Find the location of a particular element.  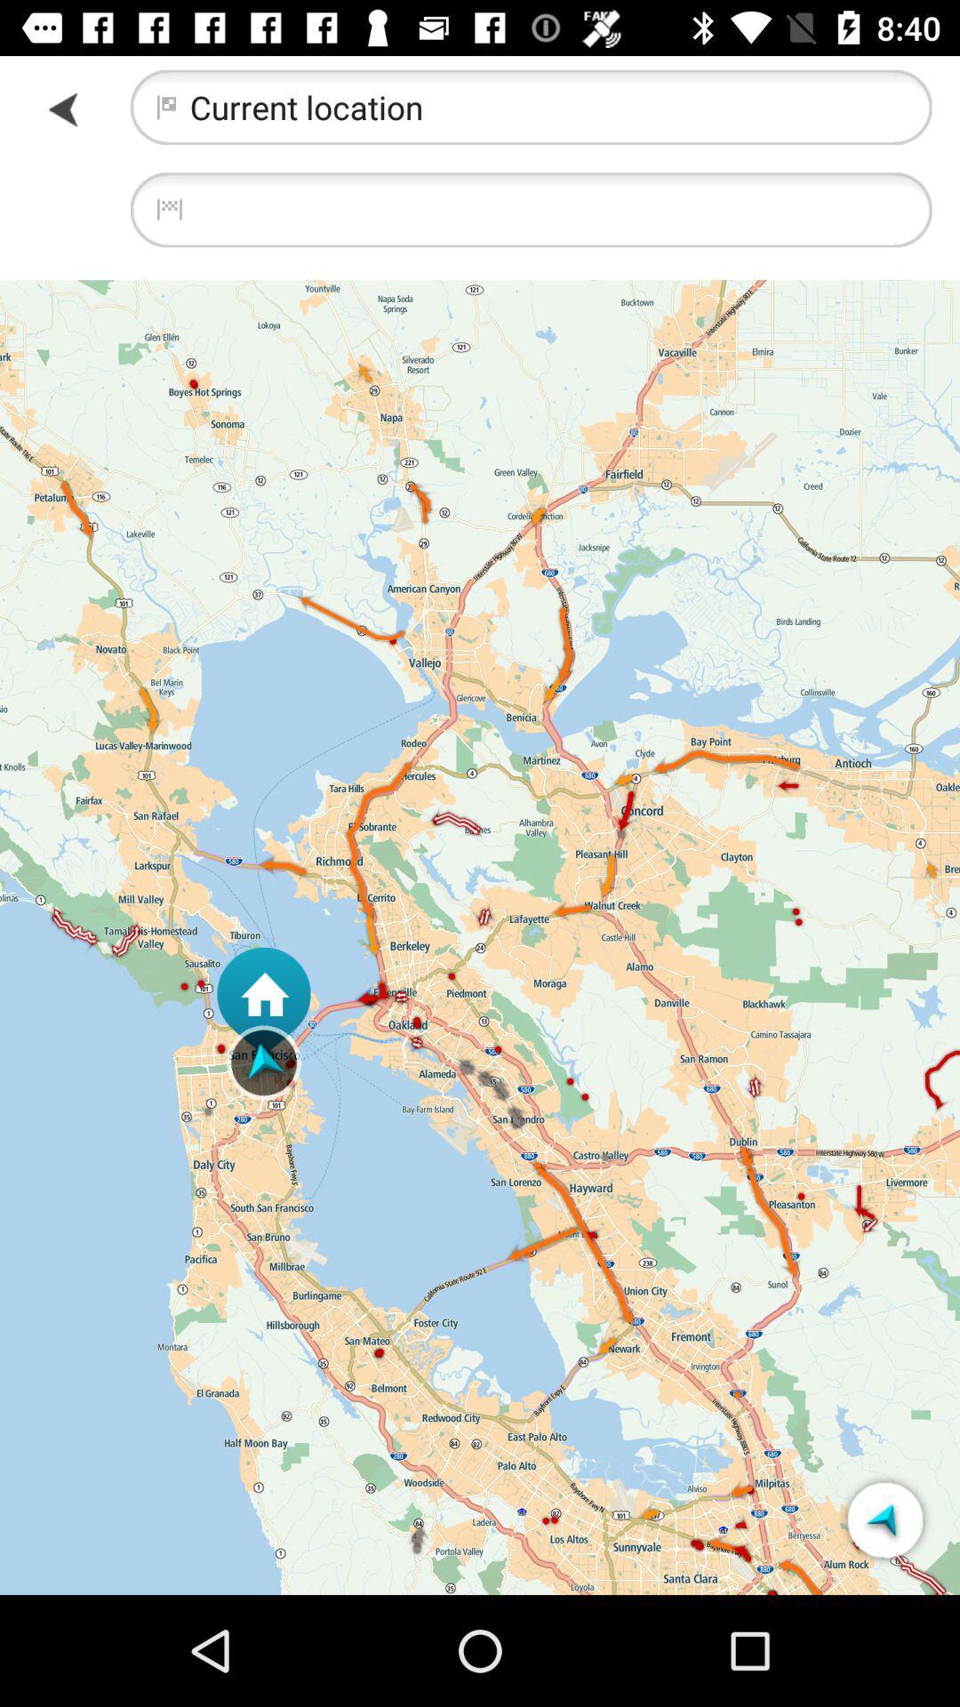

icon to the left of current location item is located at coordinates (64, 108).